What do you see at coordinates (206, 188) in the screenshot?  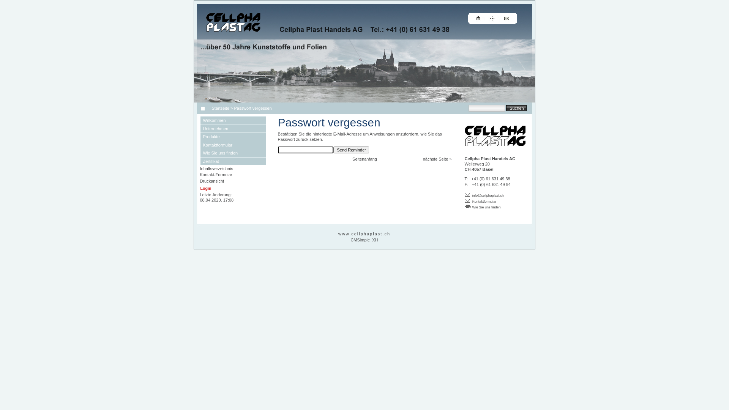 I see `'Login'` at bounding box center [206, 188].